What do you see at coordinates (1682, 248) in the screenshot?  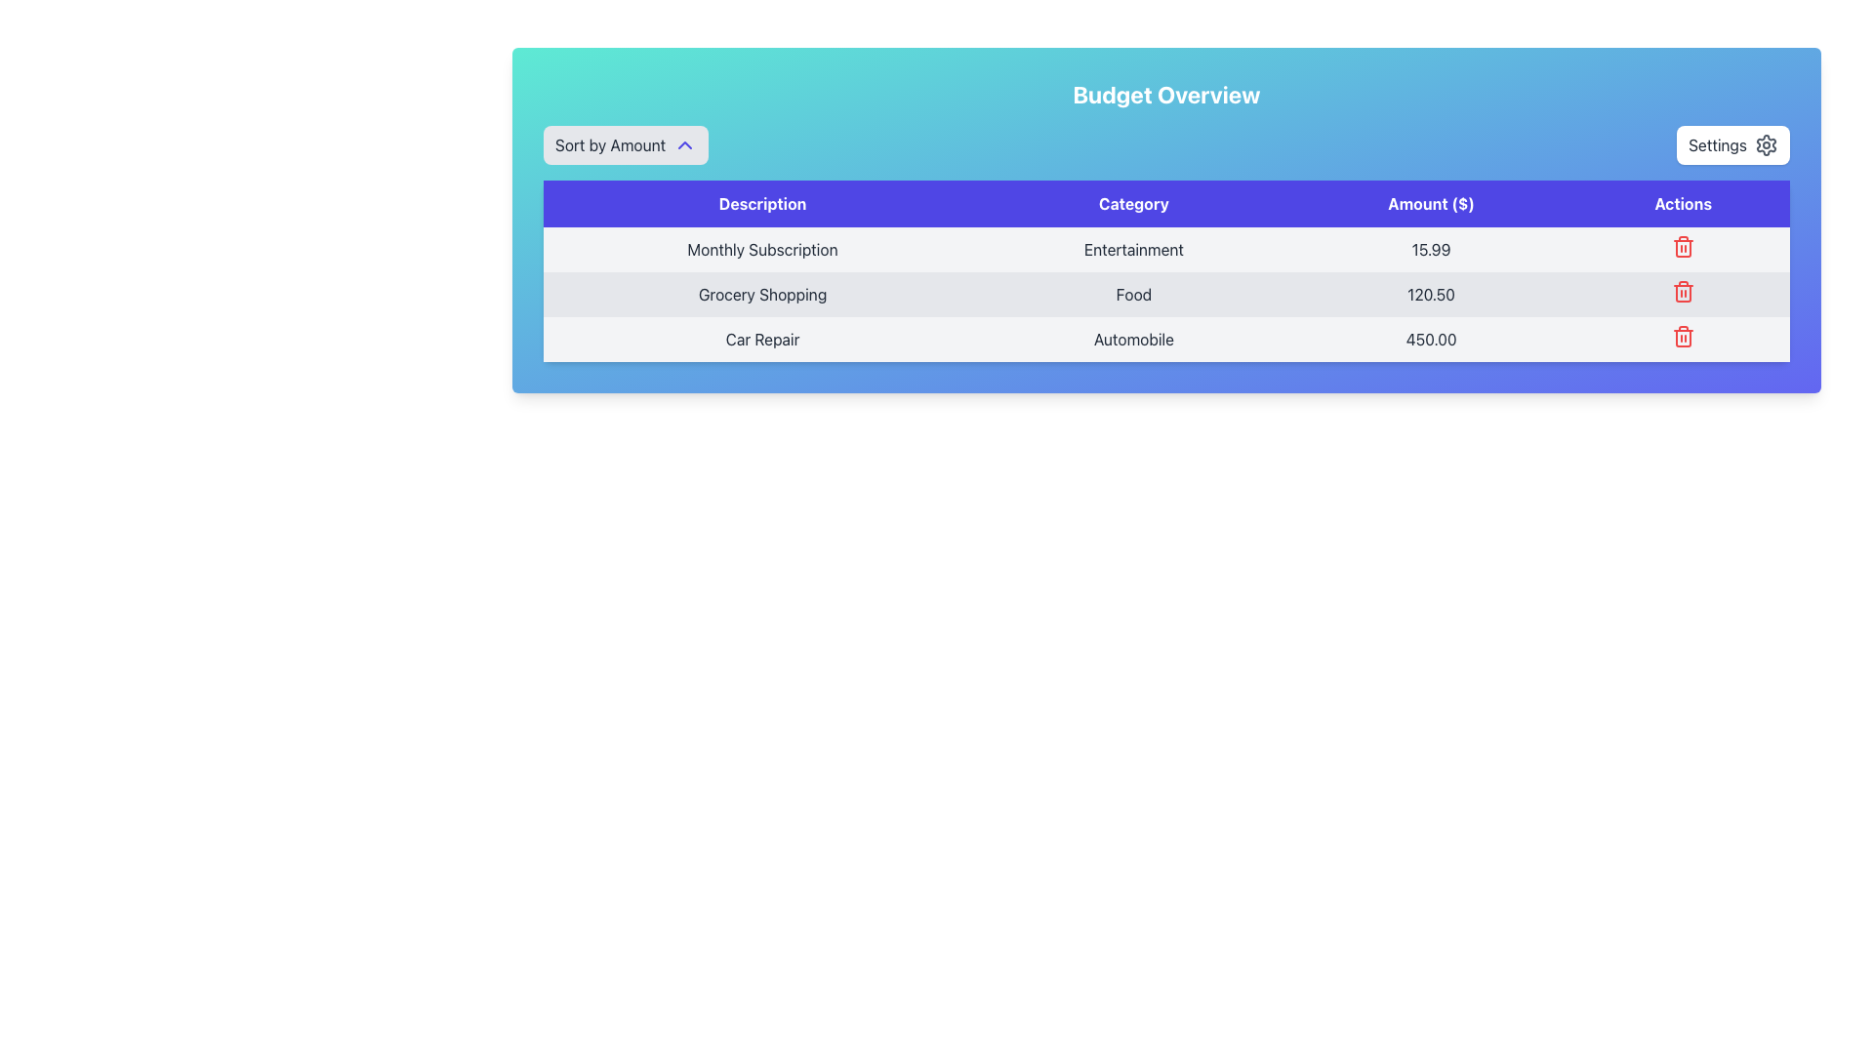 I see `the red trash bin icon button located in the 'Actions' column on the far right of the first row in the table, corresponding to the 'Monthly Subscription' description` at bounding box center [1682, 248].